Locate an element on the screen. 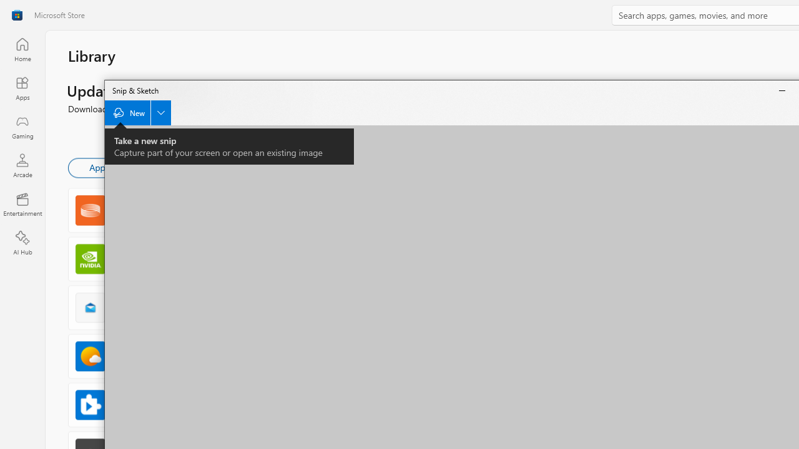 The width and height of the screenshot is (799, 449). 'Class: Image' is located at coordinates (17, 15).